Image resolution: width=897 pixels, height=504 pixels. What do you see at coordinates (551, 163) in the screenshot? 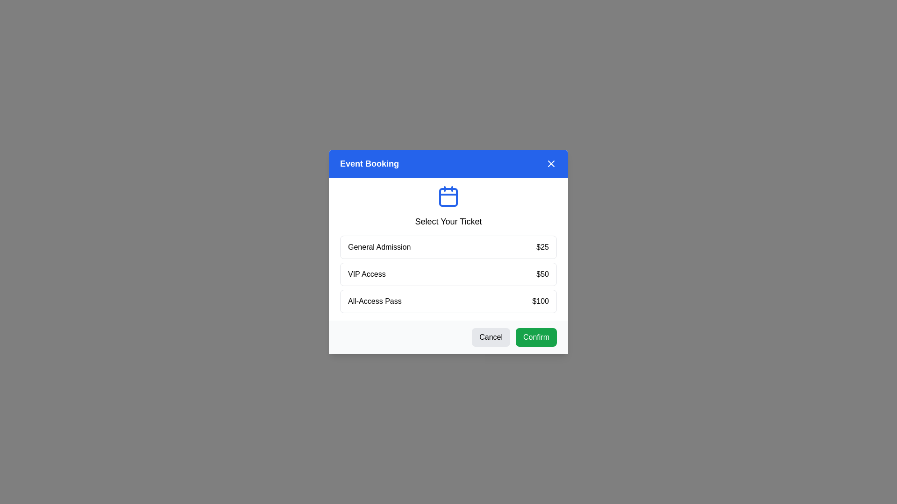
I see `the close 'X' icon located at the top-right corner of the blue header bar in the modal window` at bounding box center [551, 163].